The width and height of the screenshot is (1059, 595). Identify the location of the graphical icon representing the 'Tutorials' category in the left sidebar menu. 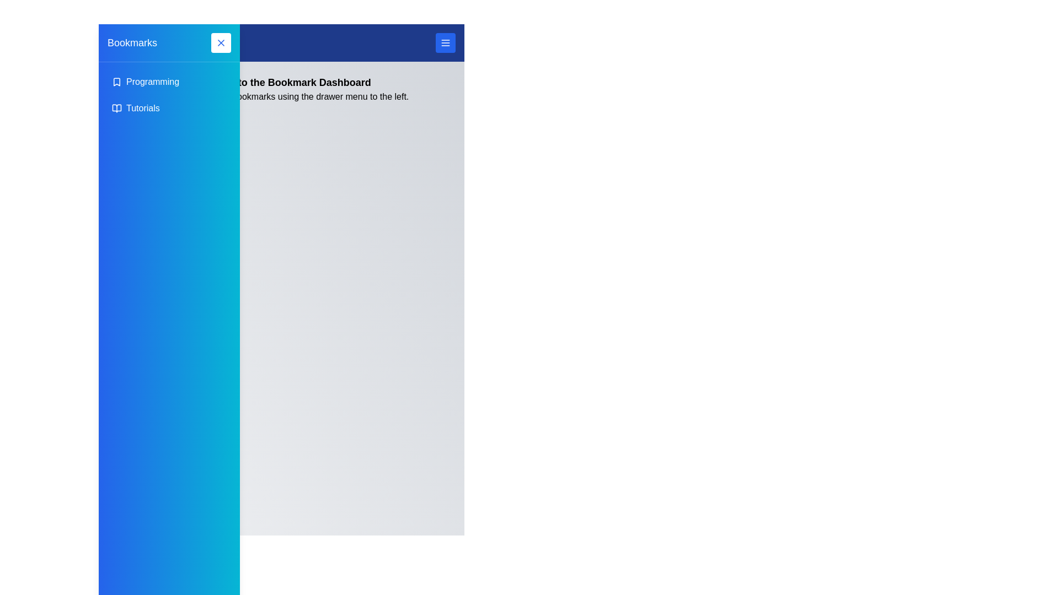
(116, 108).